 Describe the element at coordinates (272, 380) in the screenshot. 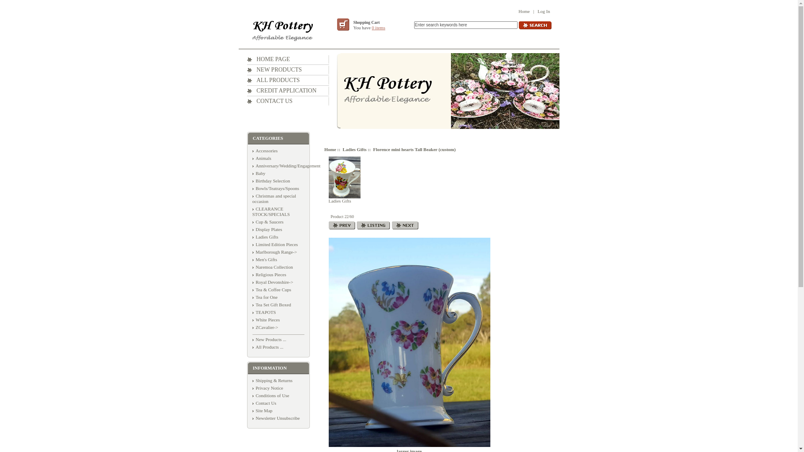

I see `'Shipping & Returns'` at that location.